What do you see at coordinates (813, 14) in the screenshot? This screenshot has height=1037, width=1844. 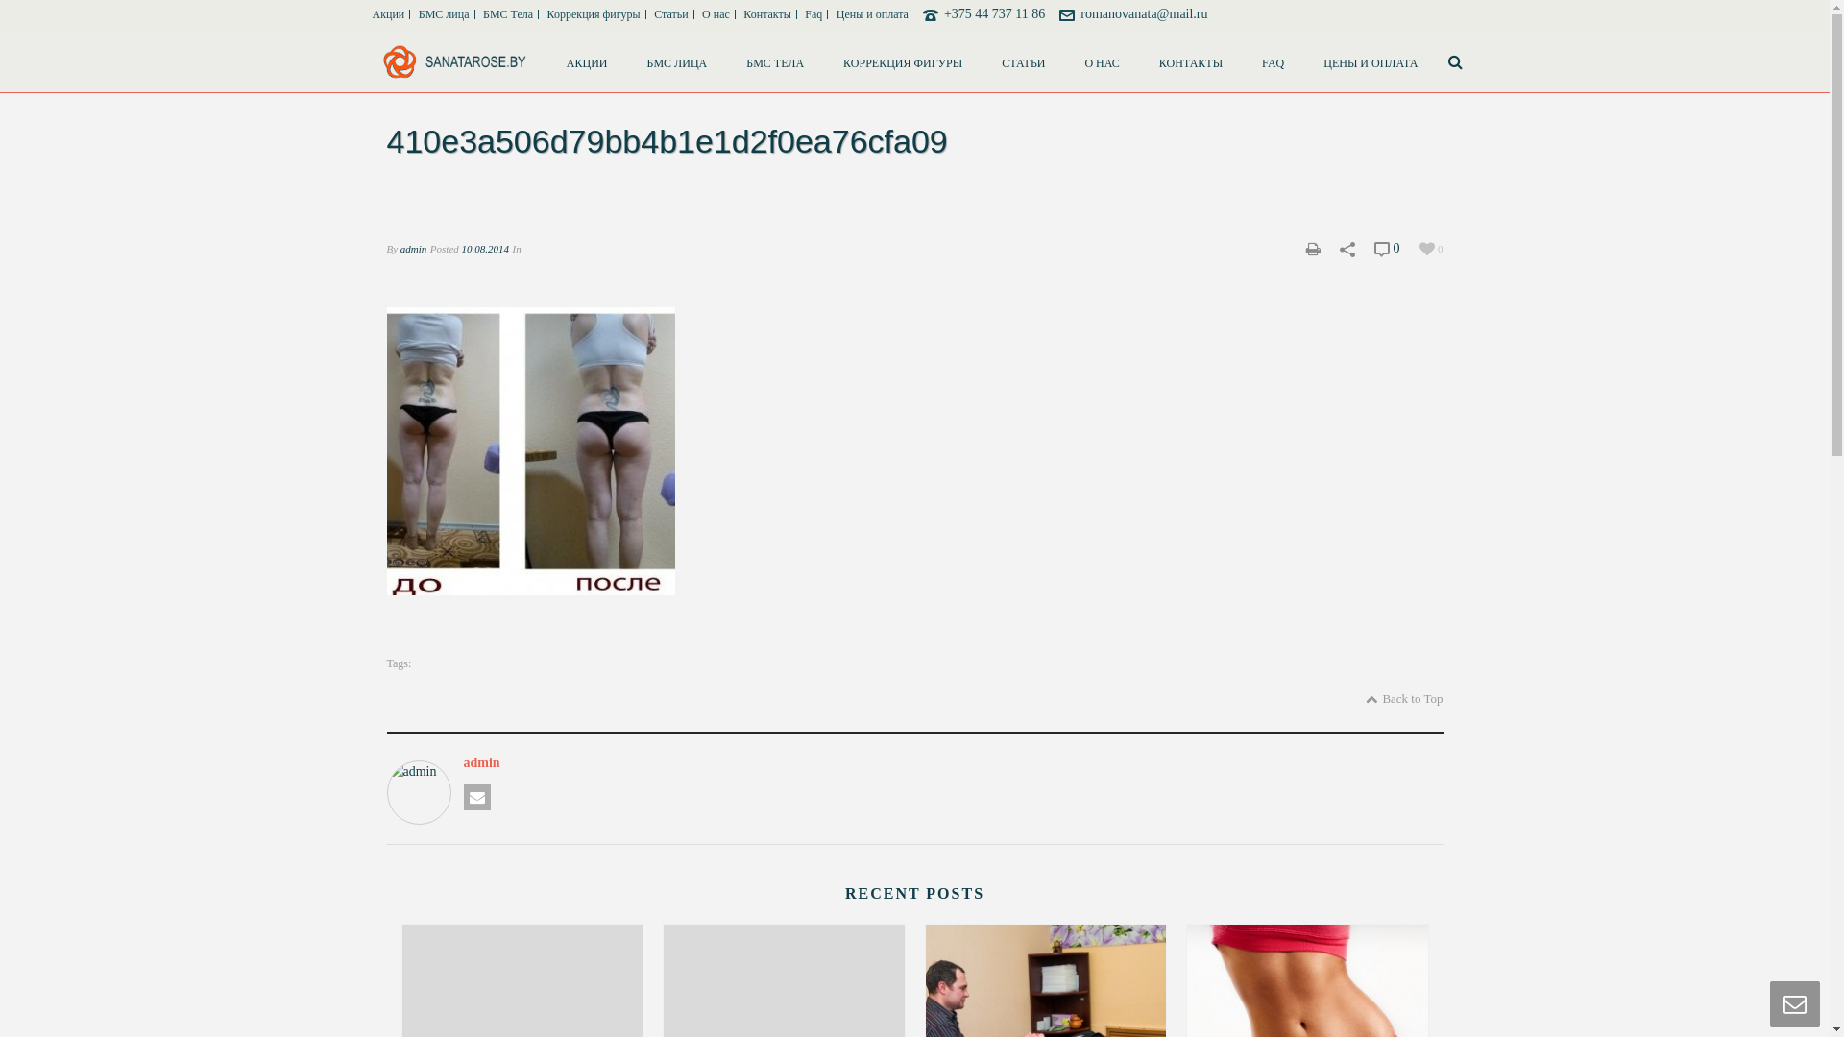 I see `'Faq'` at bounding box center [813, 14].